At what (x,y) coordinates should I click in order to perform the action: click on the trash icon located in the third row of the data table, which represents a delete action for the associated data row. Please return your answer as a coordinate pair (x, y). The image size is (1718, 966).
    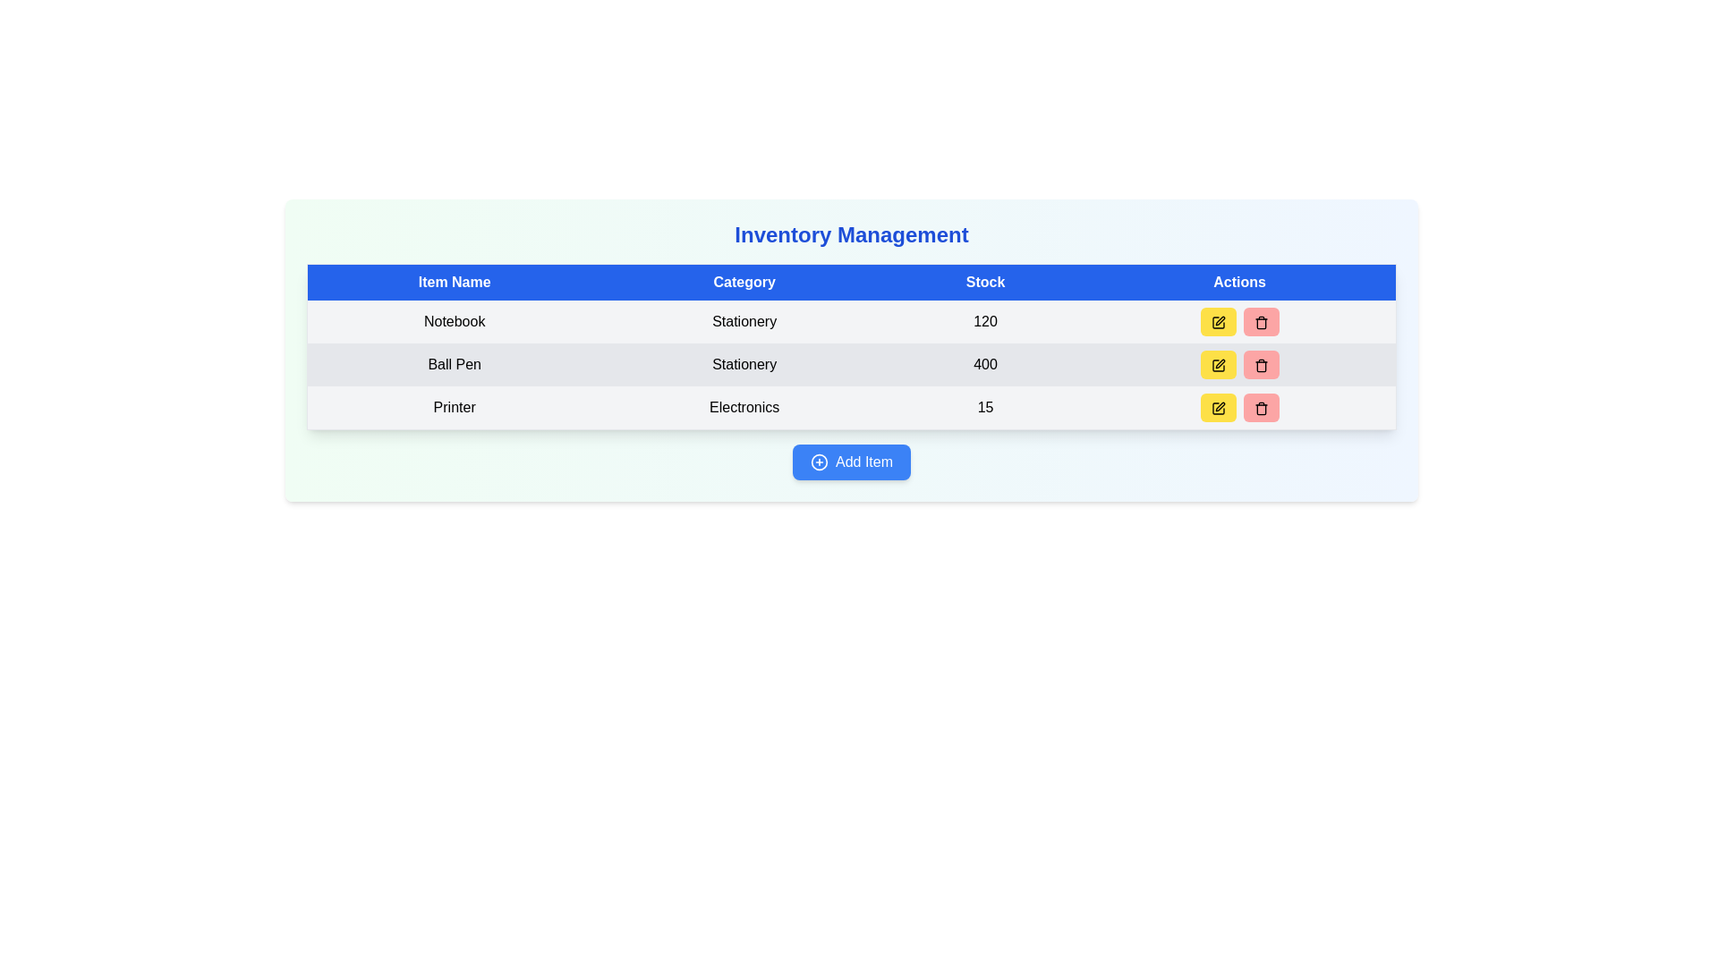
    Looking at the image, I should click on (1260, 366).